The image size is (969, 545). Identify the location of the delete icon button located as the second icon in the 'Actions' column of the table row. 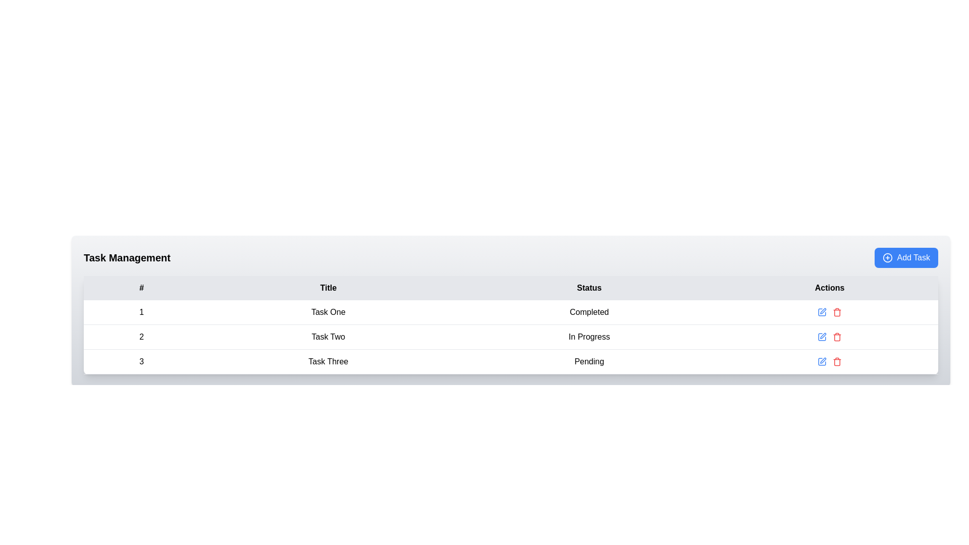
(837, 311).